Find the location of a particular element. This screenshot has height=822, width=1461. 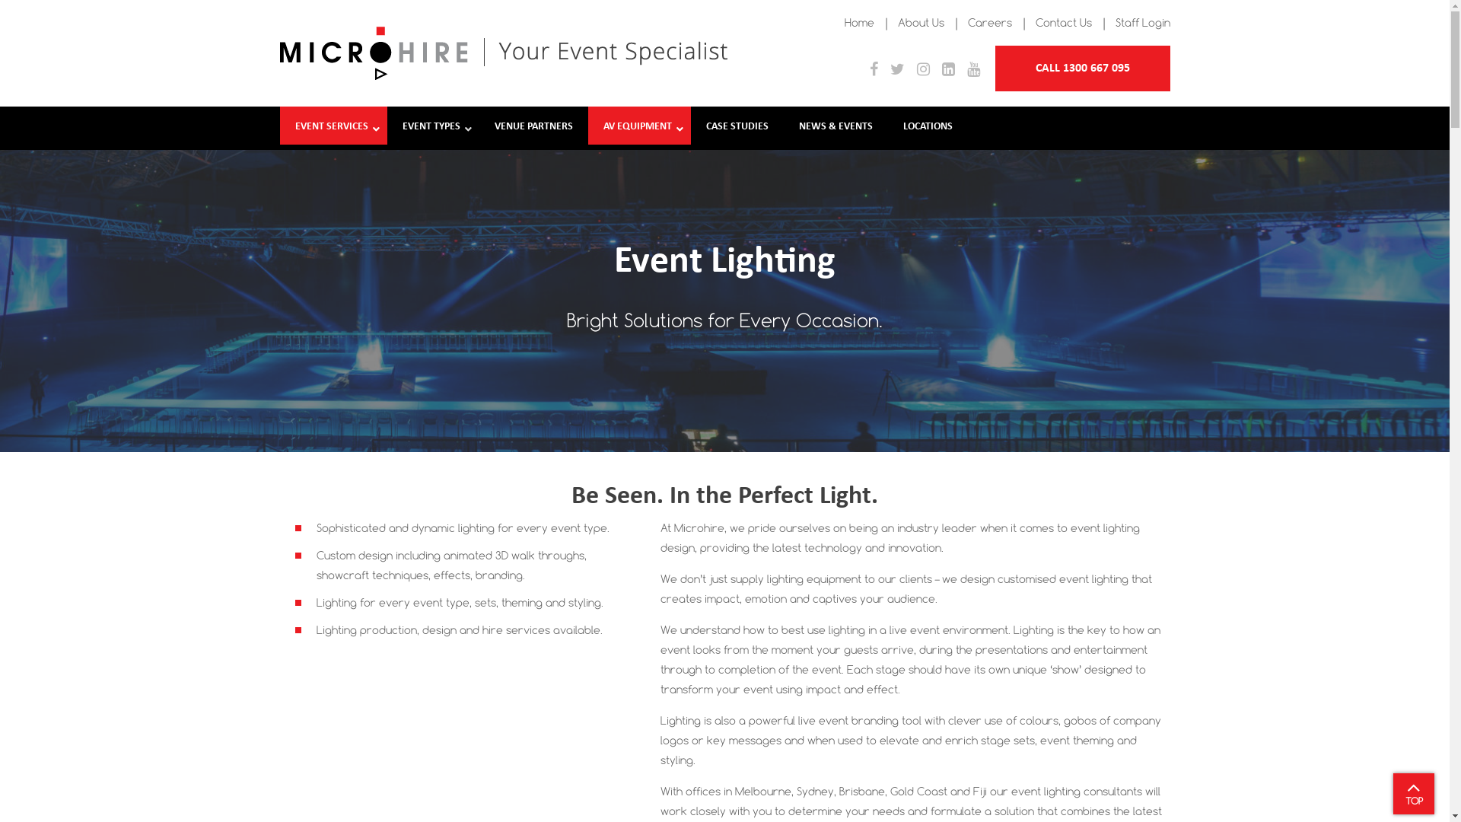

'Home' is located at coordinates (859, 22).